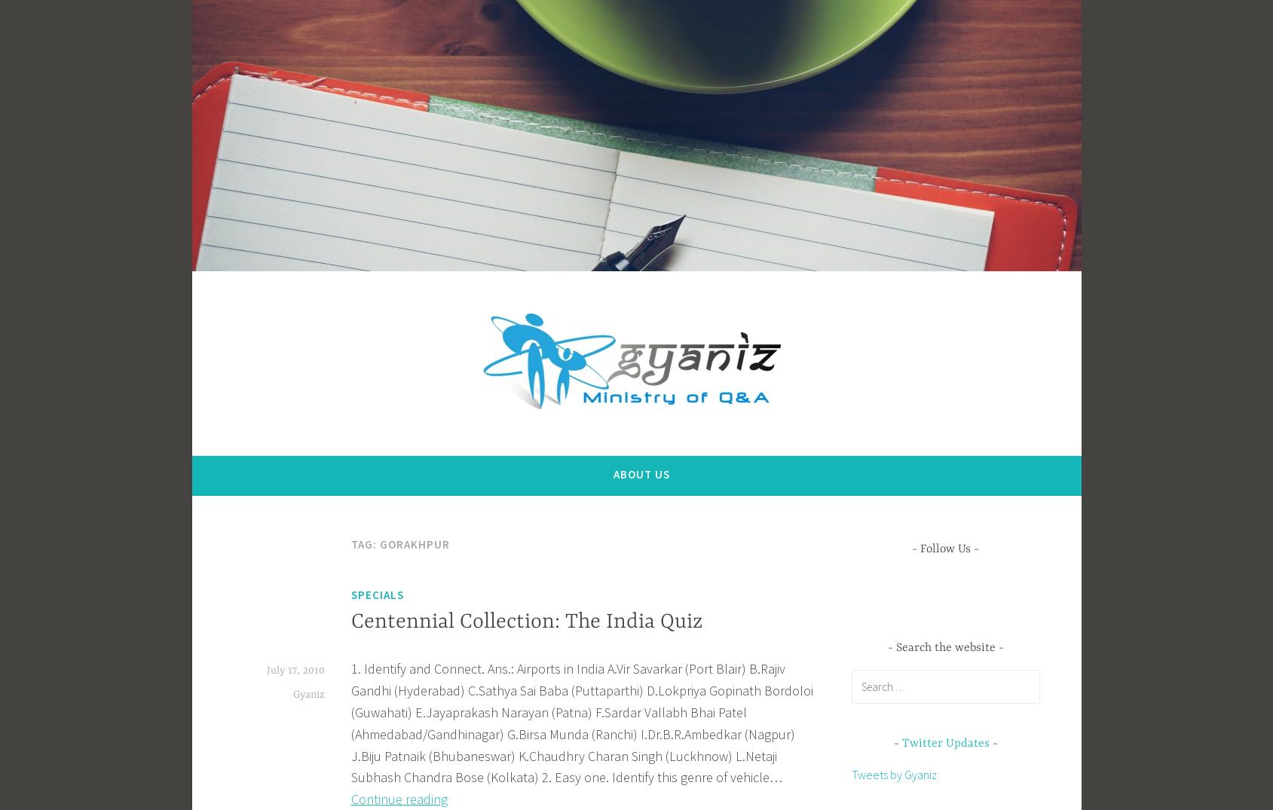  Describe the element at coordinates (526, 622) in the screenshot. I see `'Centennial Collection: The India Quiz'` at that location.